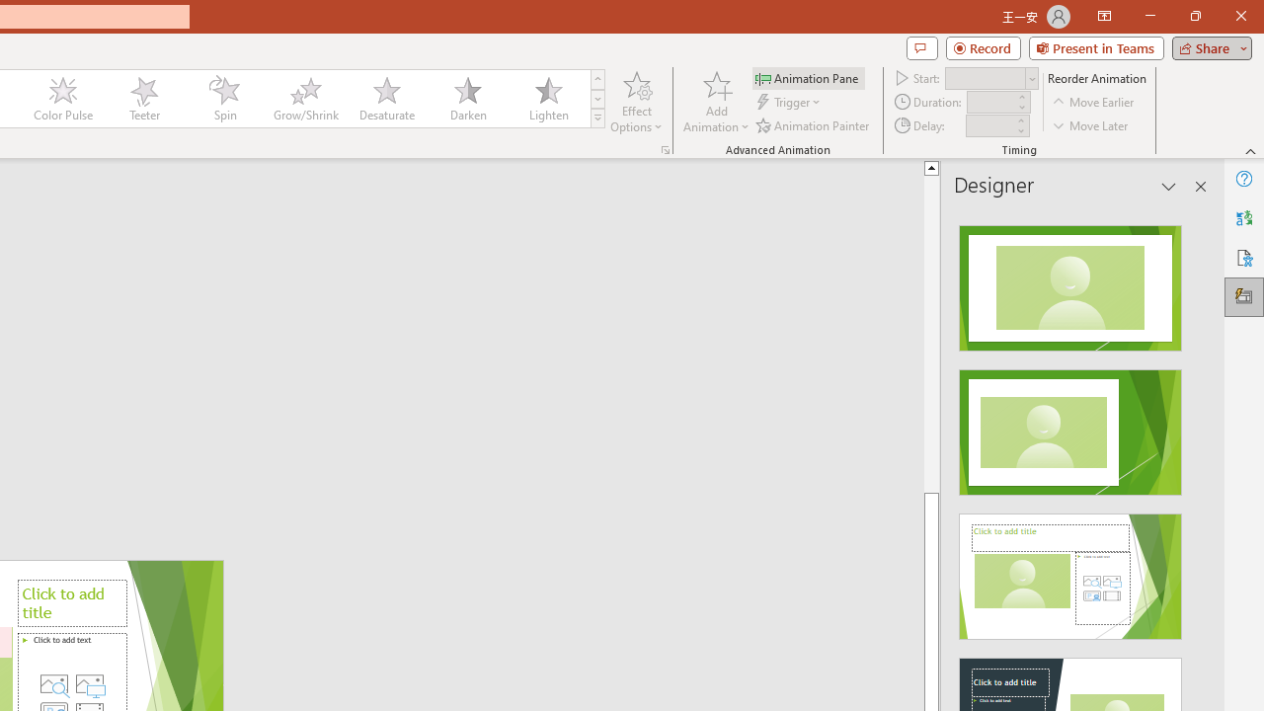 The image size is (1264, 711). Describe the element at coordinates (53, 683) in the screenshot. I see `'Stock Images'` at that location.